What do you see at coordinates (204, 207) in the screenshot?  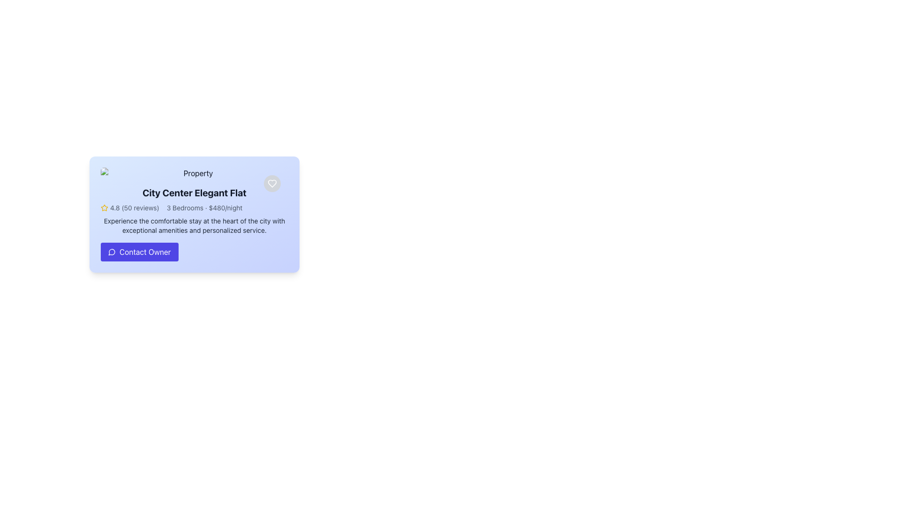 I see `the informational Text label that displays the number of bedrooms and nightly rate, located beneath the title 'City Center Elegant Flat' and adjacent to '4.8 (50 reviews)'` at bounding box center [204, 207].